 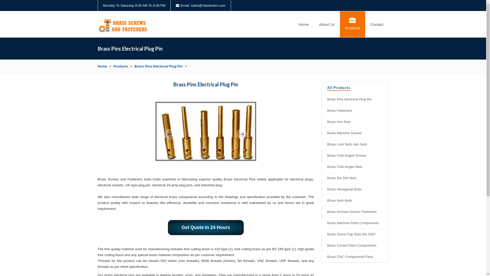 What do you see at coordinates (355, 189) in the screenshot?
I see `'Brass Hexagonal Bolts'` at bounding box center [355, 189].